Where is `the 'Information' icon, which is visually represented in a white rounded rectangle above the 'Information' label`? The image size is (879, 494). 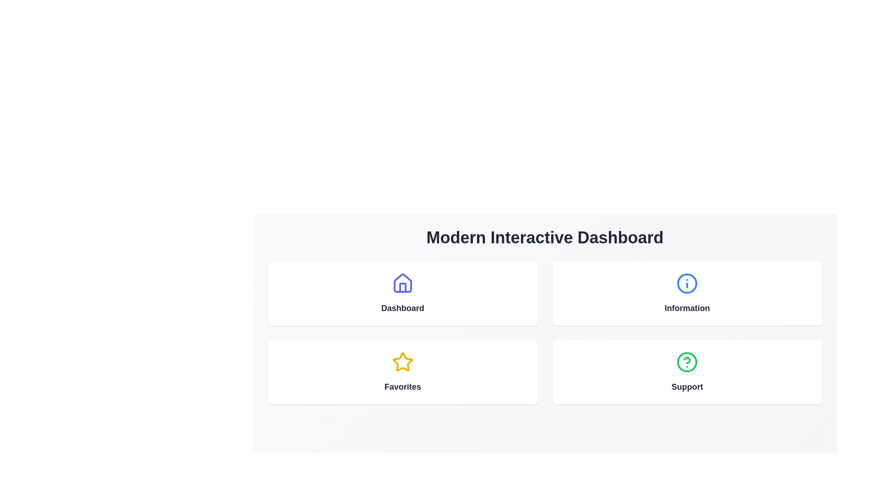
the 'Information' icon, which is visually represented in a white rounded rectangle above the 'Information' label is located at coordinates (687, 283).